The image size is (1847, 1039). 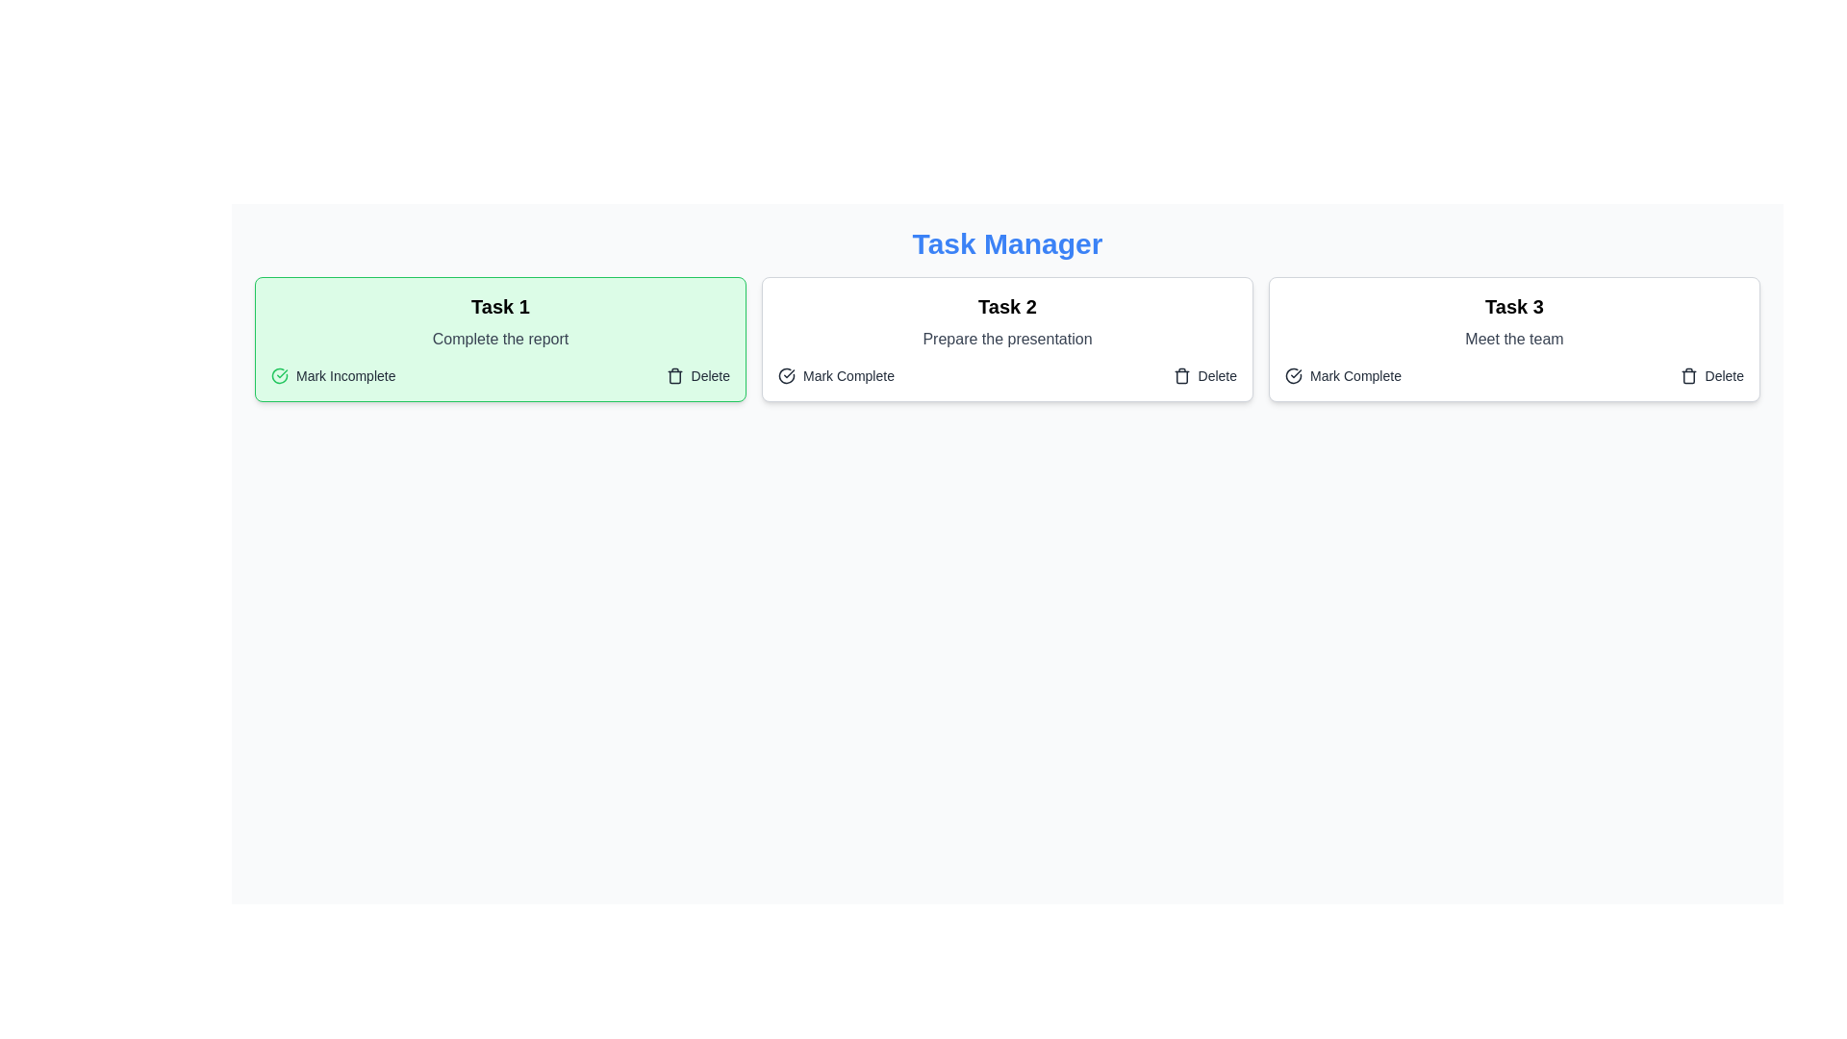 What do you see at coordinates (848, 375) in the screenshot?
I see `the 'Mark Complete' text label element, which is styled in a muted color and is located next to a check mark icon within the task card labeled 'Task 2'` at bounding box center [848, 375].